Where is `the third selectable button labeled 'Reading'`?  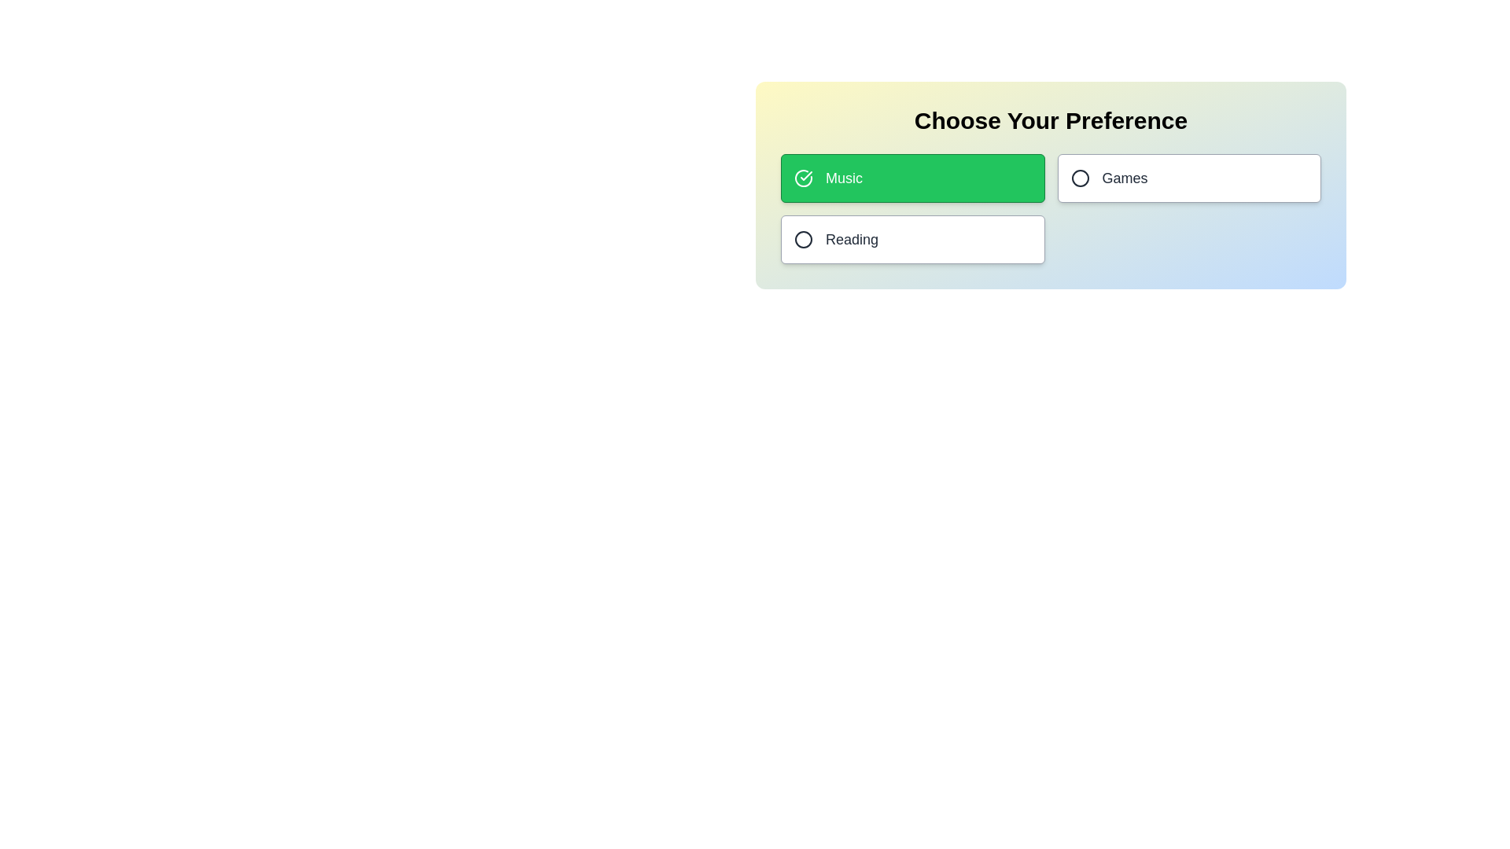 the third selectable button labeled 'Reading' is located at coordinates (912, 239).